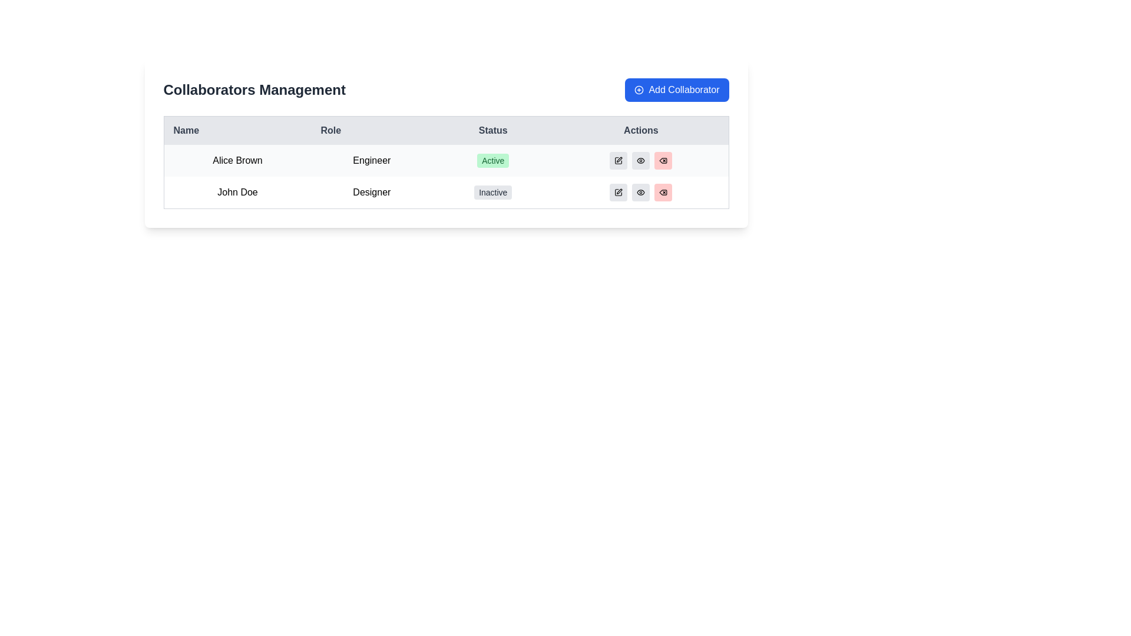 This screenshot has height=636, width=1131. I want to click on the edit icon button located in the 'Actions' column of the second row in the 'Collaborators Management' table, so click(618, 192).